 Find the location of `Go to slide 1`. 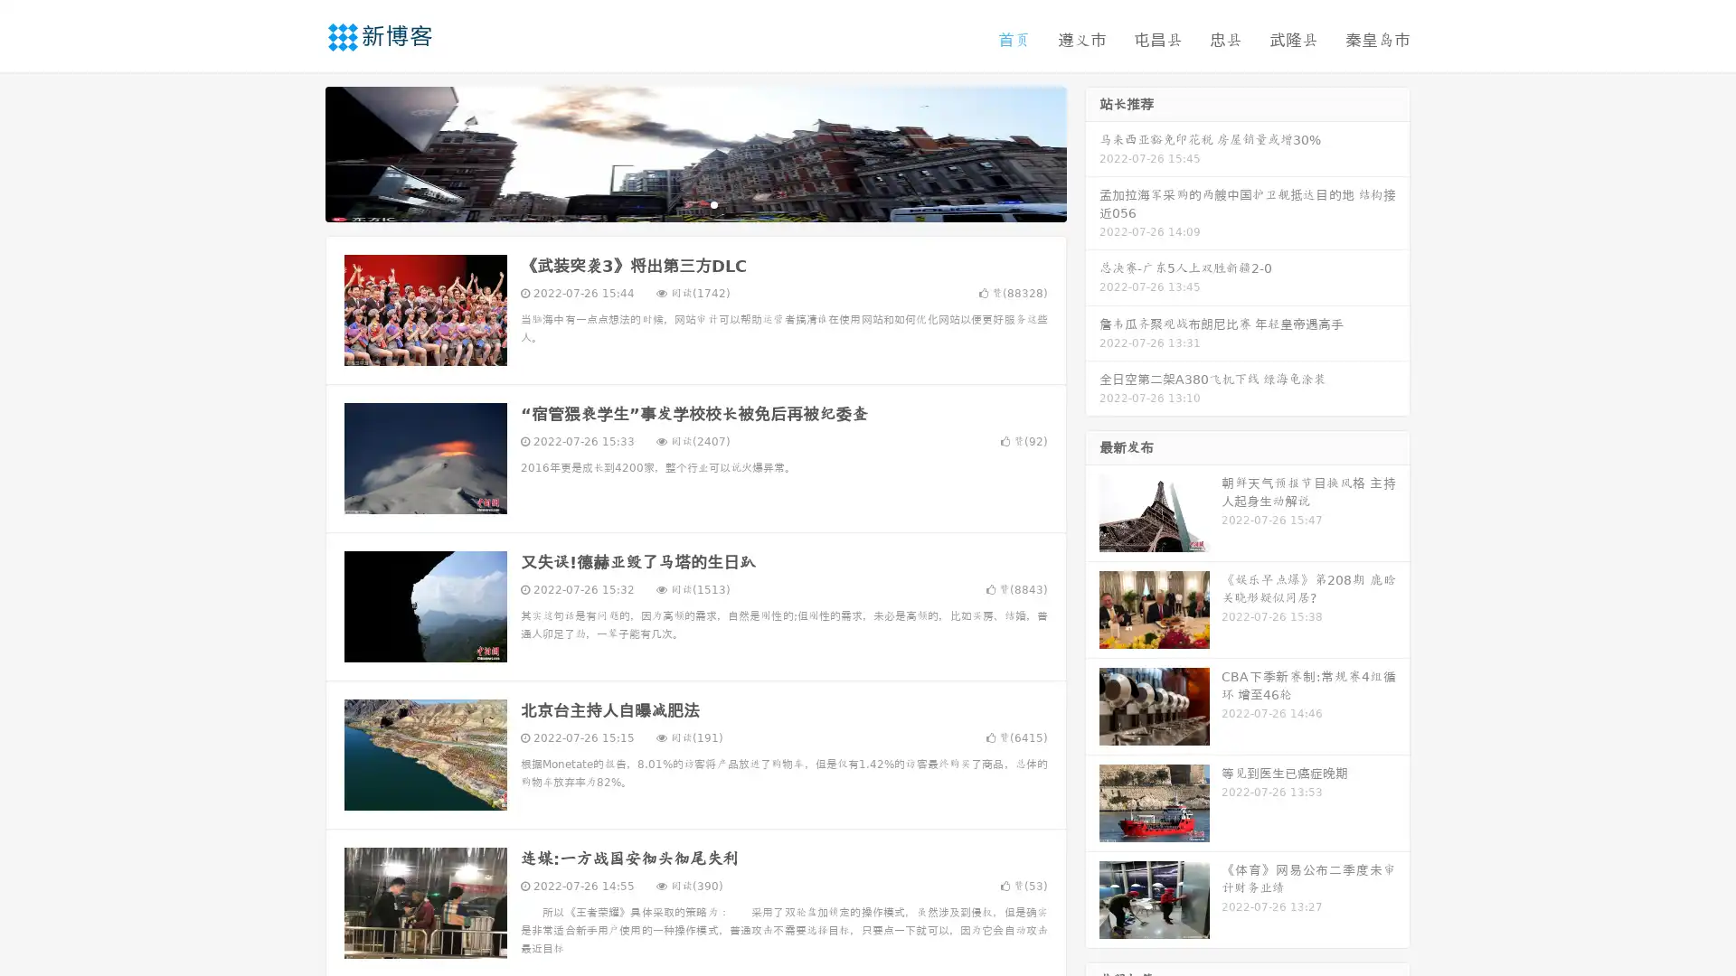

Go to slide 1 is located at coordinates (676, 203).